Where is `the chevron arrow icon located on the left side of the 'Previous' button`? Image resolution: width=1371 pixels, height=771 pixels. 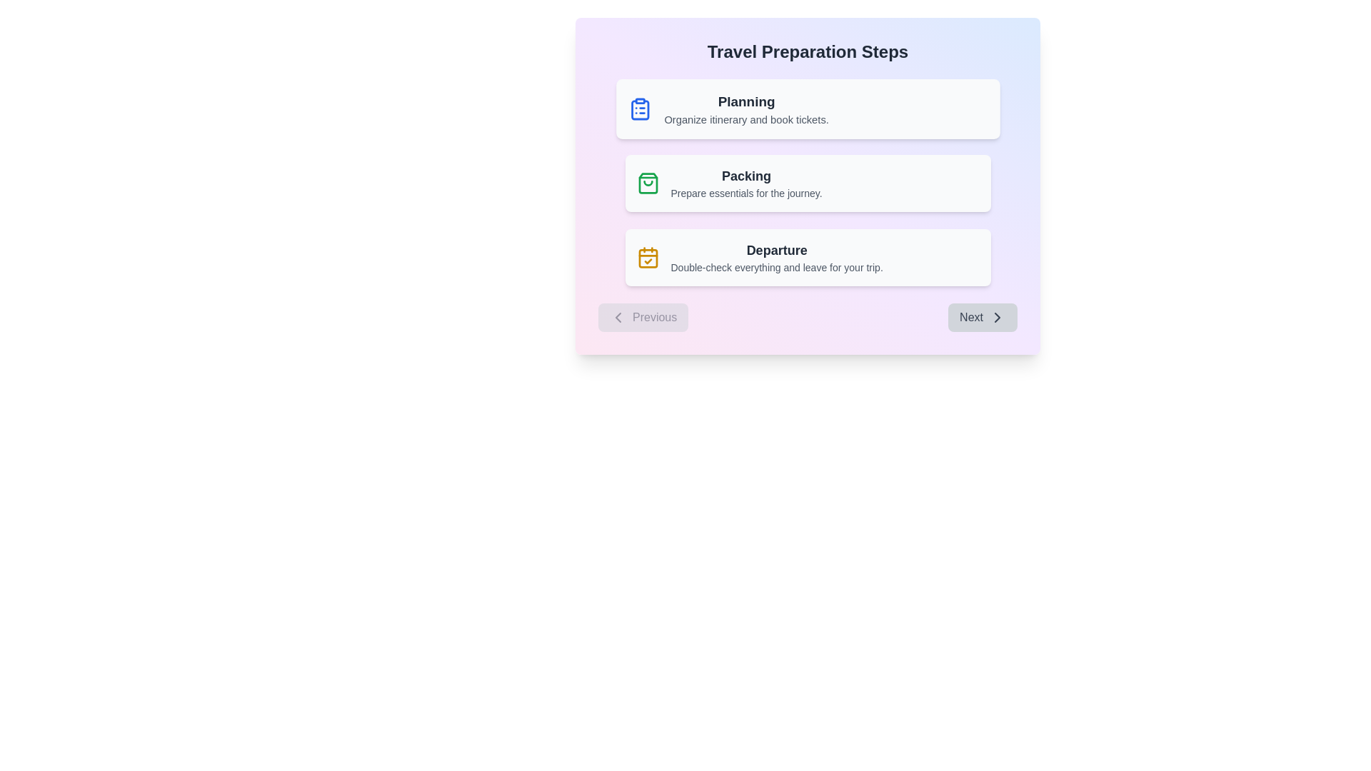 the chevron arrow icon located on the left side of the 'Previous' button is located at coordinates (618, 316).